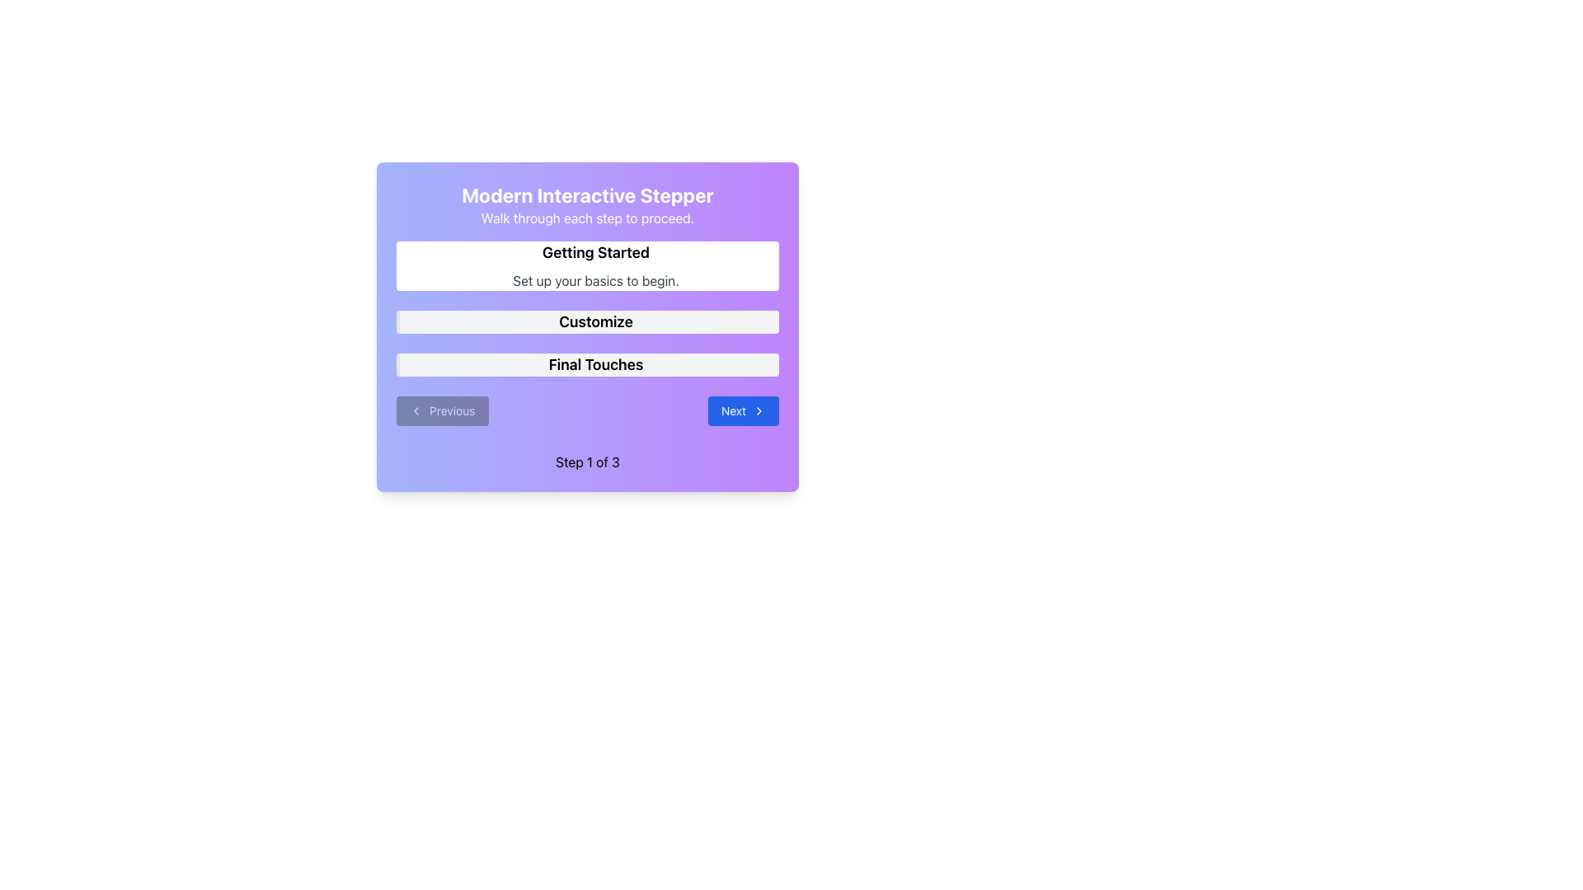 The width and height of the screenshot is (1583, 890). I want to click on the 'Final Touches' label, which is styled with a light grey background and a bold text, located at the bottom of the list of three items, so click(588, 364).